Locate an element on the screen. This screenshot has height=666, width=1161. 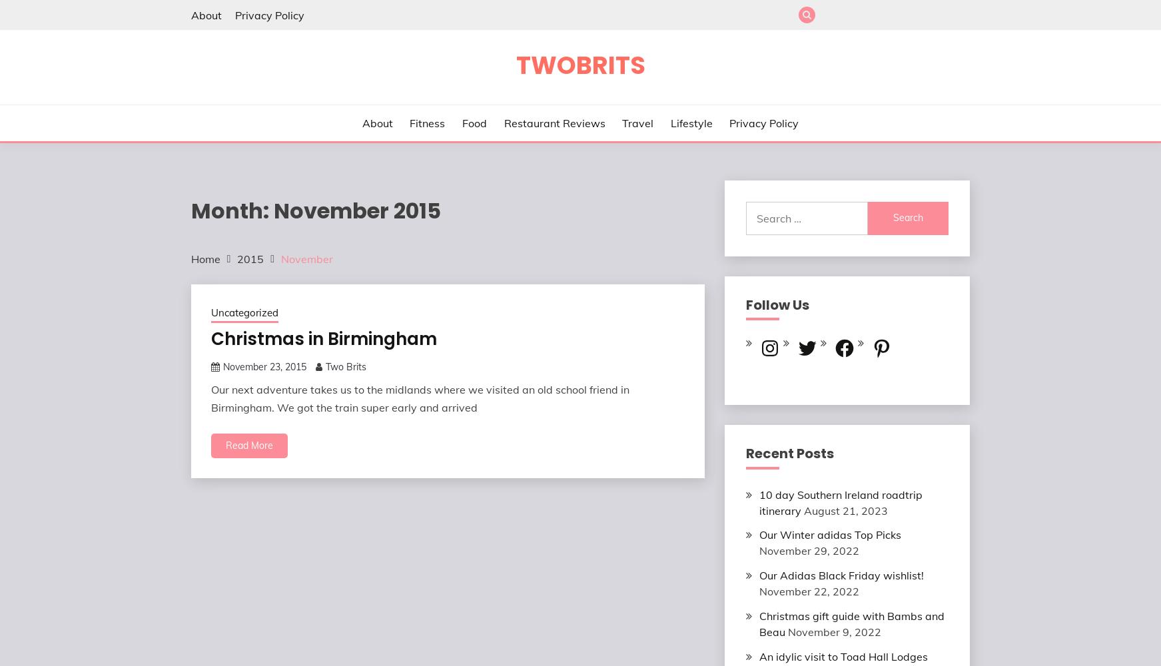
'Our next adventure takes us to the midlands where we visited an old school friend in Birmingham. We got the train super early and arrived' is located at coordinates (419, 398).